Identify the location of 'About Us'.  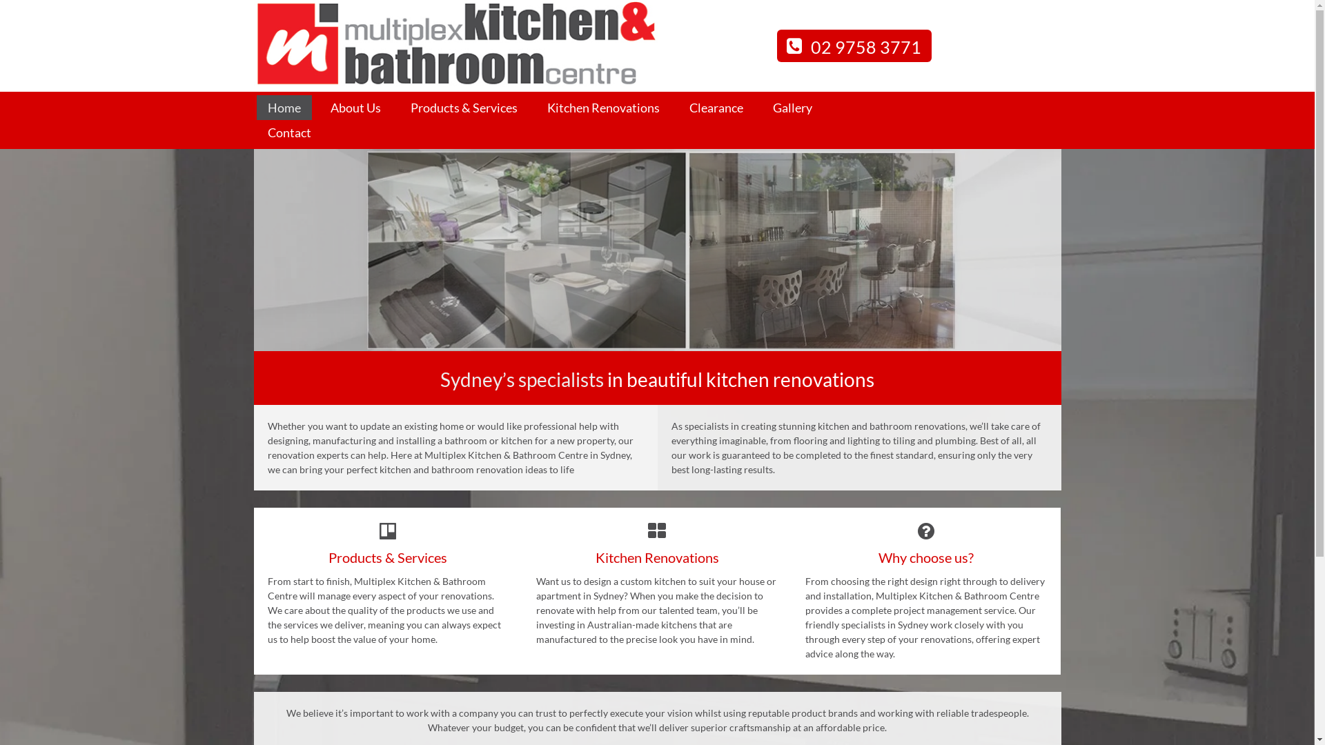
(355, 107).